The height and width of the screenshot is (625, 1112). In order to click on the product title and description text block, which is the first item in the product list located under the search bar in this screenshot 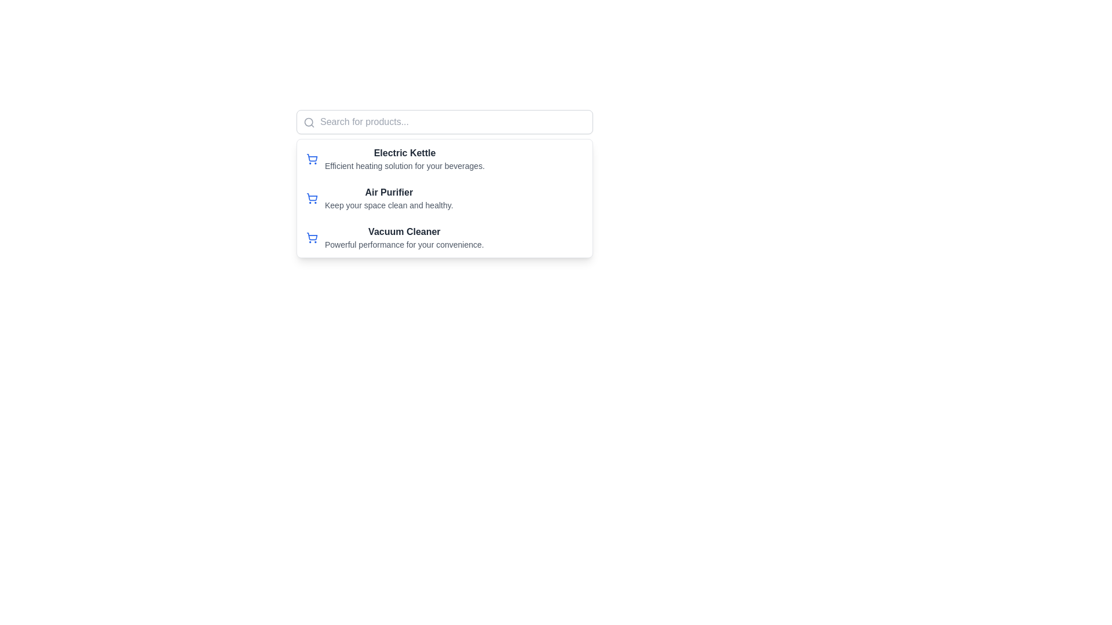, I will do `click(405, 159)`.